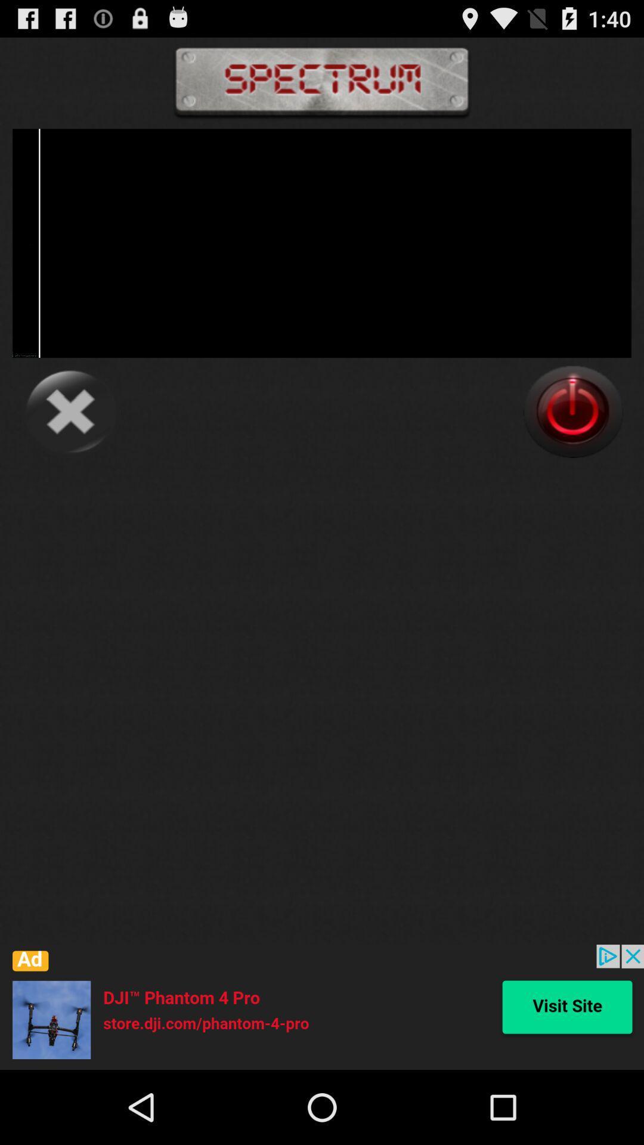  What do you see at coordinates (572, 411) in the screenshot?
I see `switch off` at bounding box center [572, 411].